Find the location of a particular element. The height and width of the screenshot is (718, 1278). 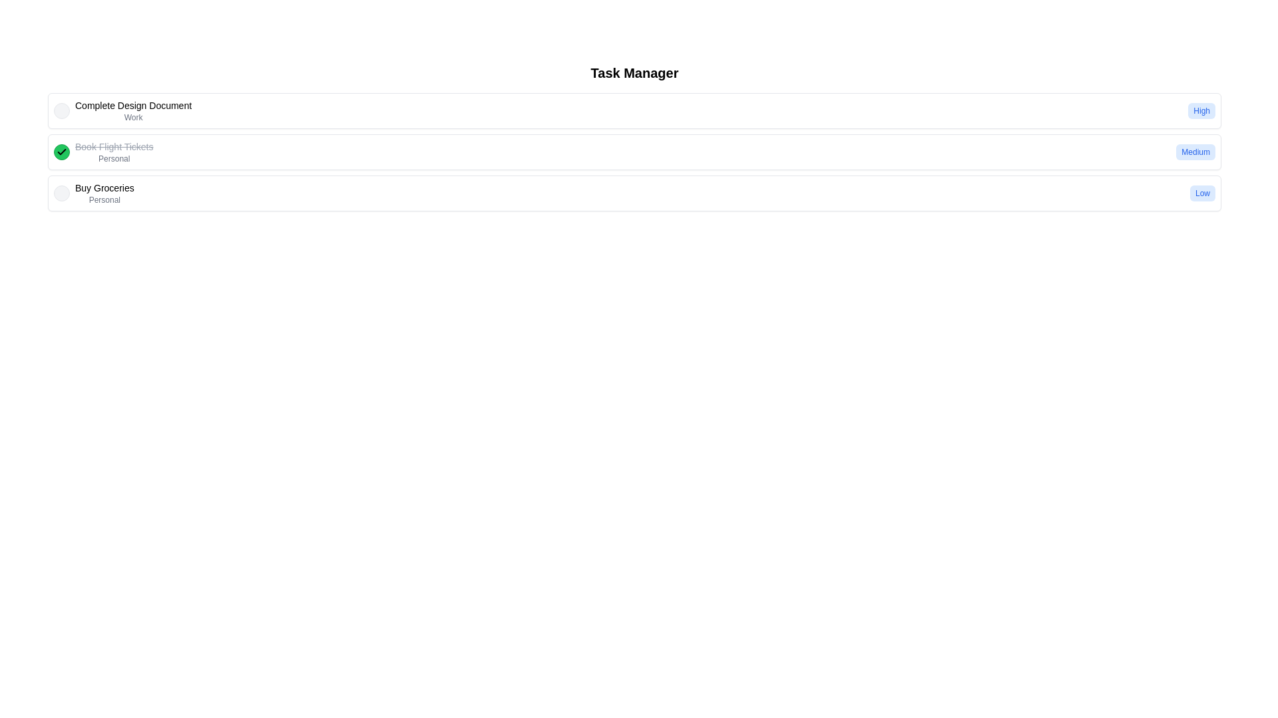

the text label displaying 'Complete Design Document', which is styled with a small font size and medium weight, positioned as the main title in the first task row is located at coordinates (133, 104).